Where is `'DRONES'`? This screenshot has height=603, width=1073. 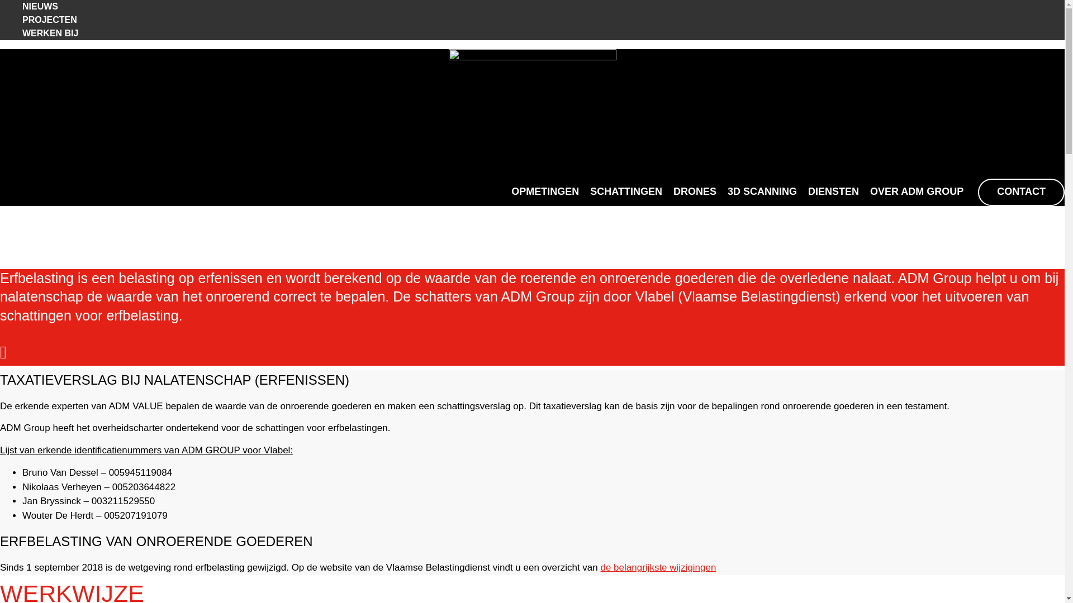 'DRONES' is located at coordinates (694, 192).